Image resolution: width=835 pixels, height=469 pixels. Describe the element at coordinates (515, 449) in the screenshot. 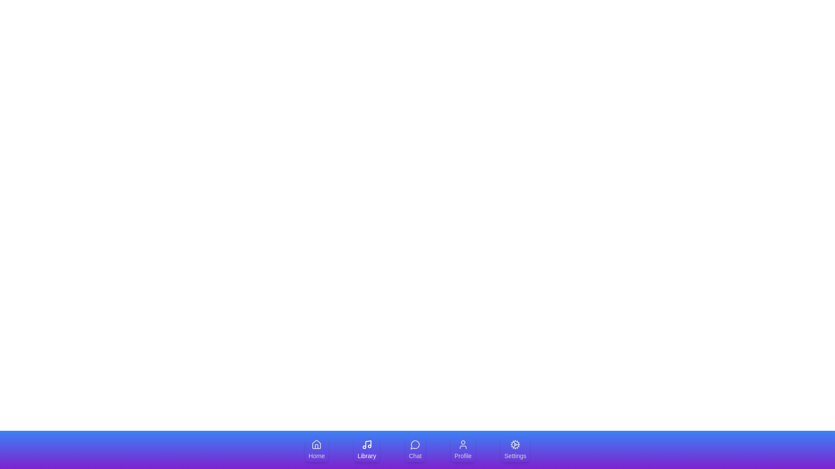

I see `the Settings tab to observe the hover effect` at that location.